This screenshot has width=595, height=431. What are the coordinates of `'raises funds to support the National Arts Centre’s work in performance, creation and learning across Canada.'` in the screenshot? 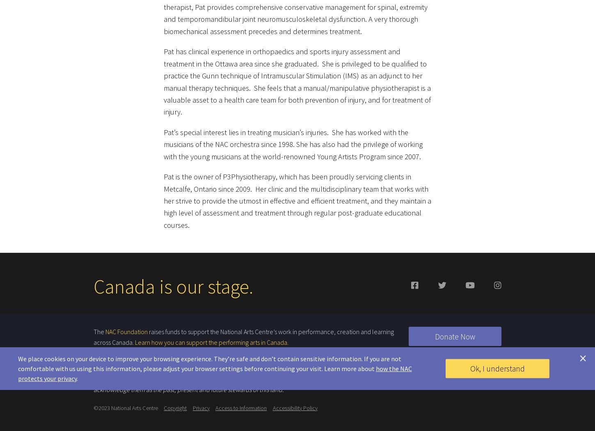 It's located at (244, 332).